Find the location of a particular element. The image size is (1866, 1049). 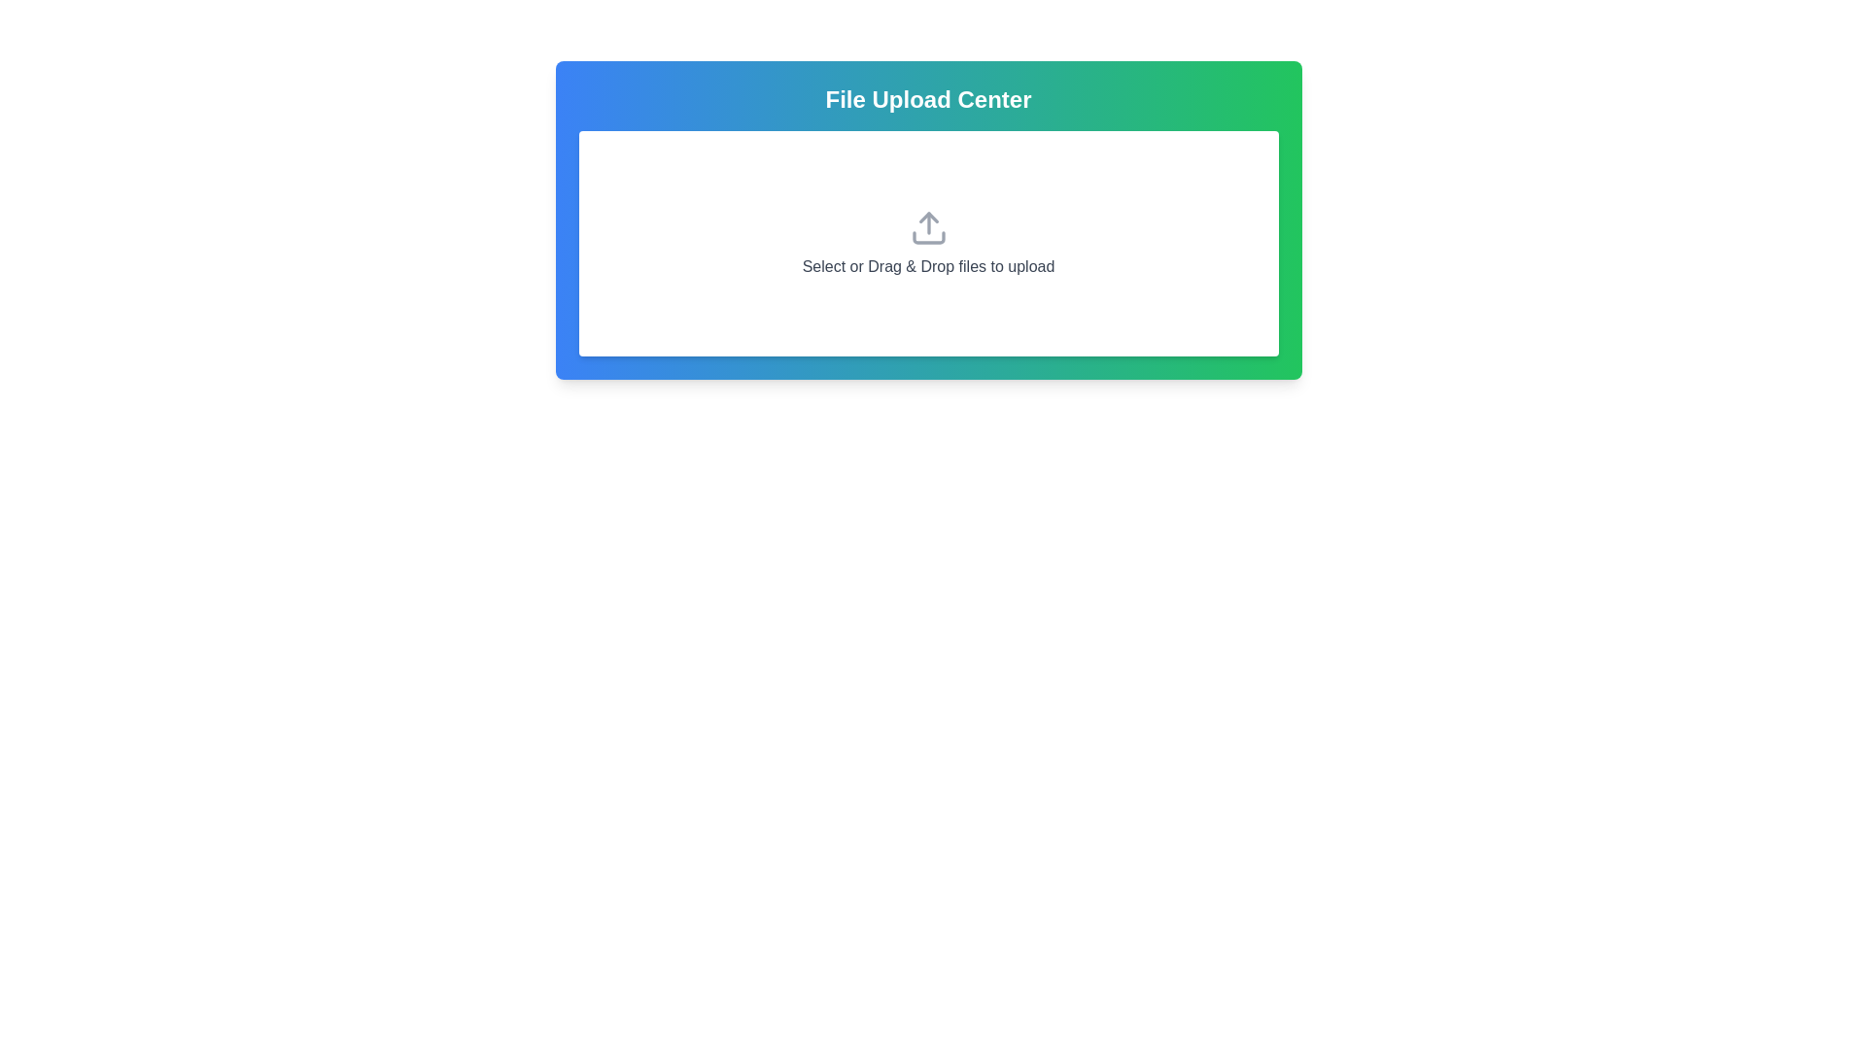

the instructional text that reads 'Select or Drag & Drop files to upload', which is centrally located at the bottom of the 'File Upload Center' is located at coordinates (927, 266).